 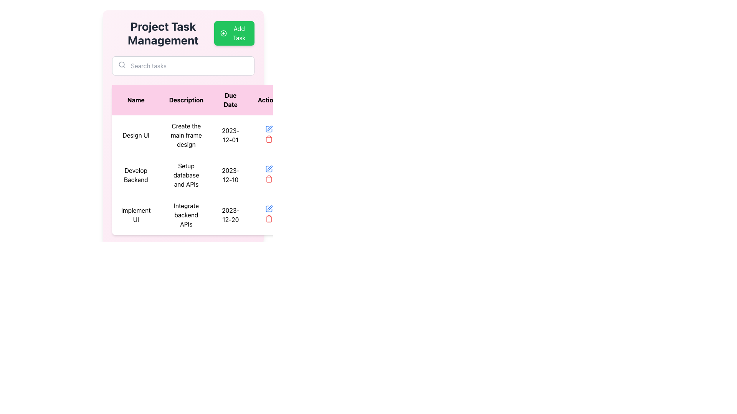 What do you see at coordinates (269, 219) in the screenshot?
I see `the delete button in the 'Actions' column of the last row of the table` at bounding box center [269, 219].